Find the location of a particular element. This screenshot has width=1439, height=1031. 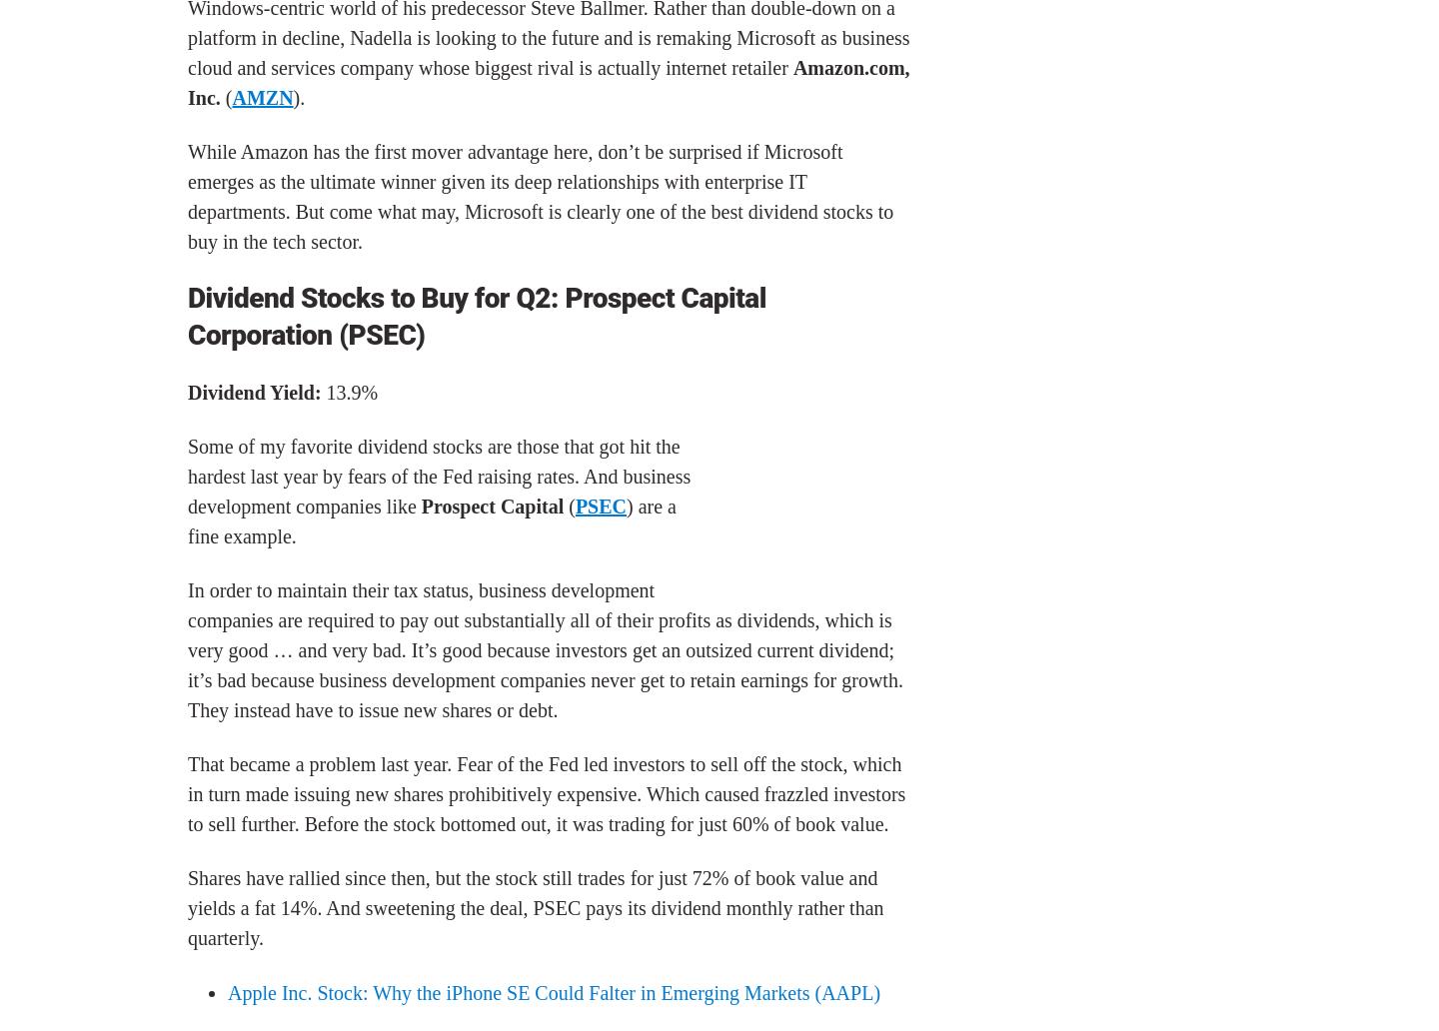

'Dividend Yield:' is located at coordinates (253, 391).